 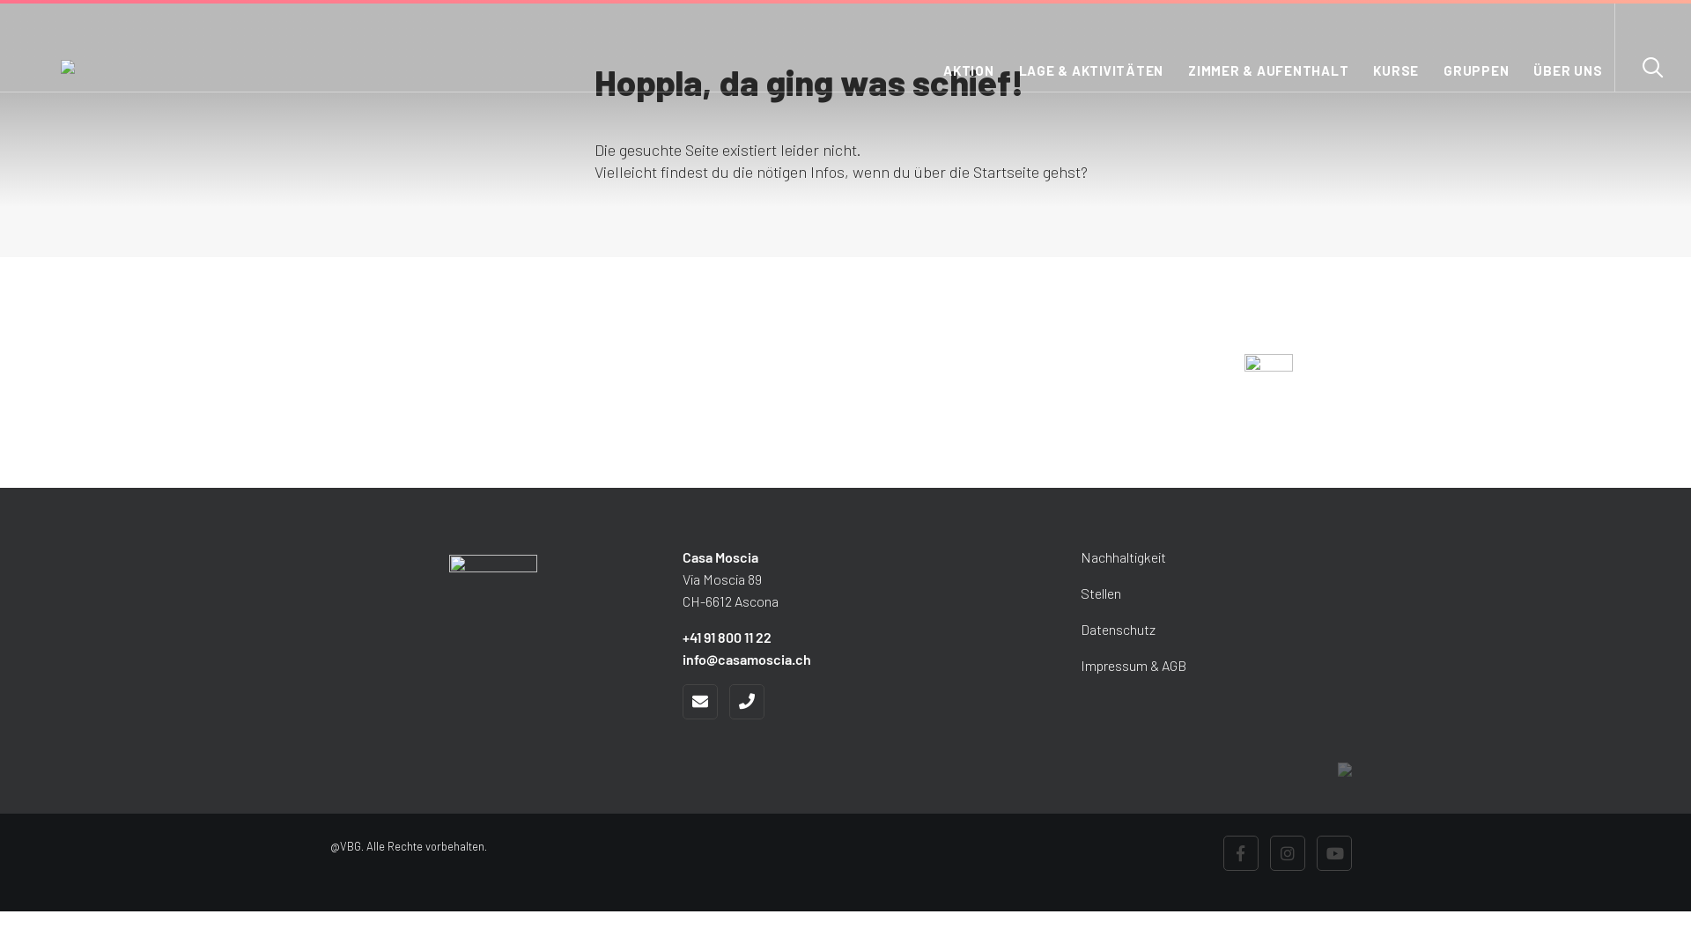 I want to click on 'JETZT ENTDECKEN', so click(x=1115, y=379).